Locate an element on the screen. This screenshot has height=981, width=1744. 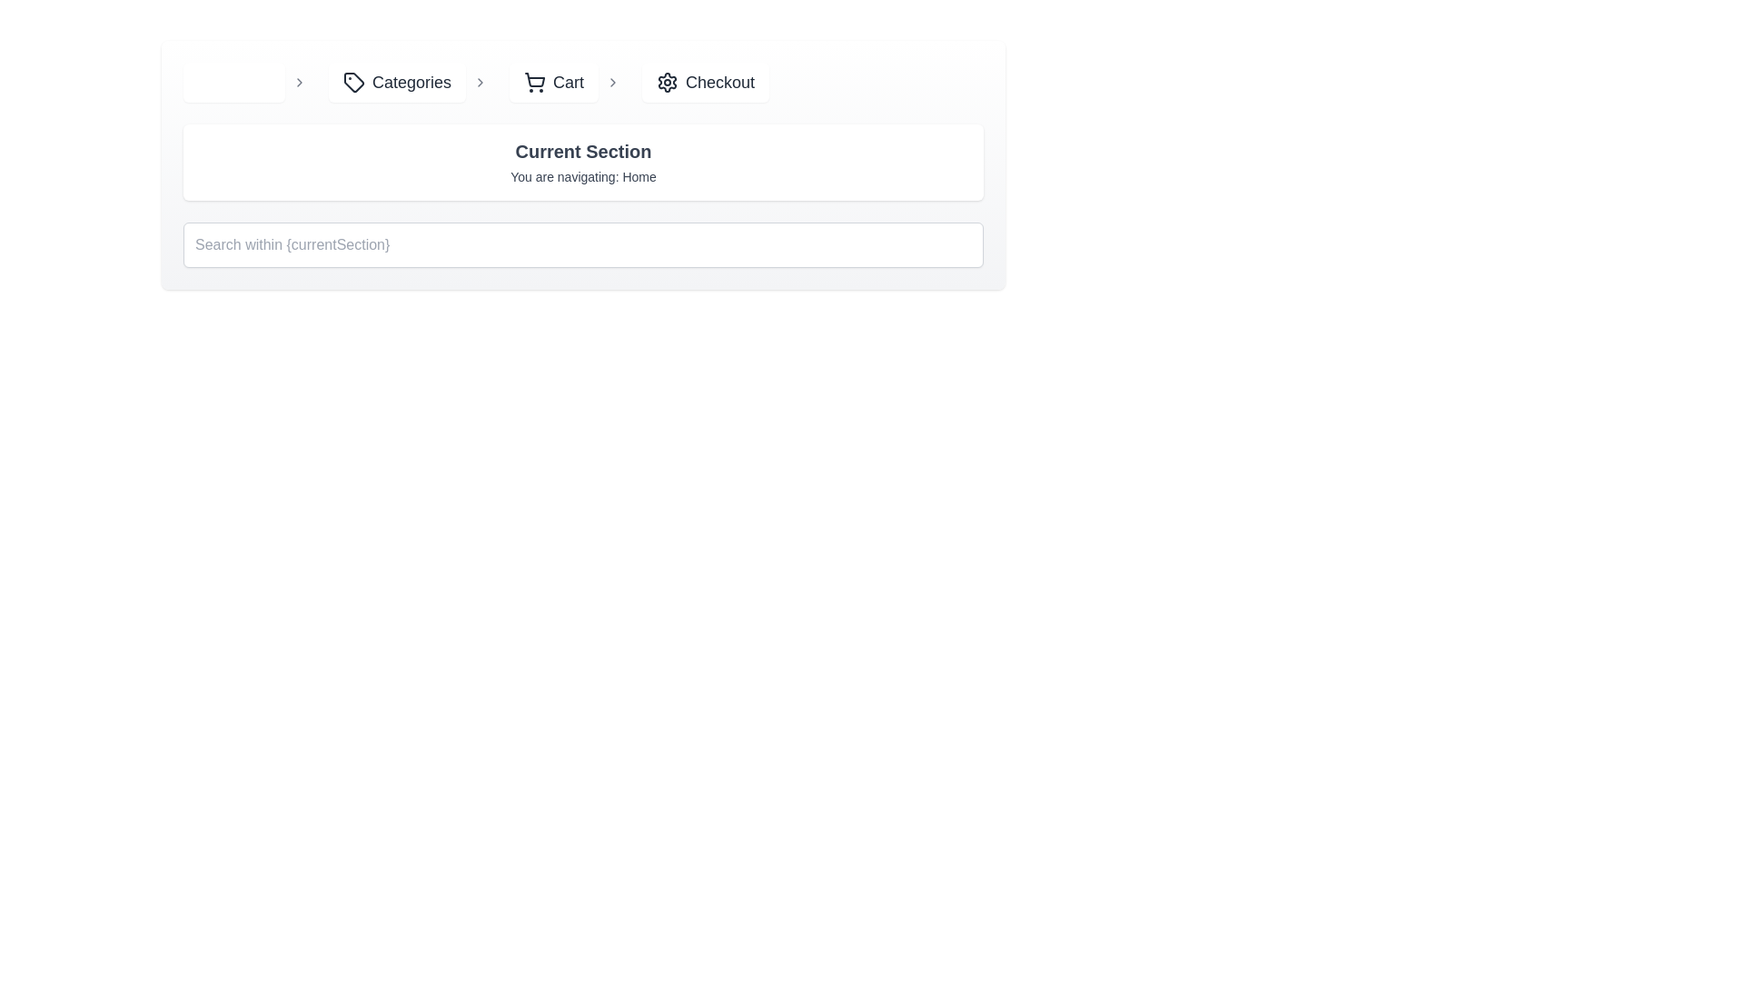
the 'Checkout' text label, which is styled with a moderate font size and positioned to the right of a gear-shaped icon in the upper right side of the interface, for visual feedback is located at coordinates (719, 83).